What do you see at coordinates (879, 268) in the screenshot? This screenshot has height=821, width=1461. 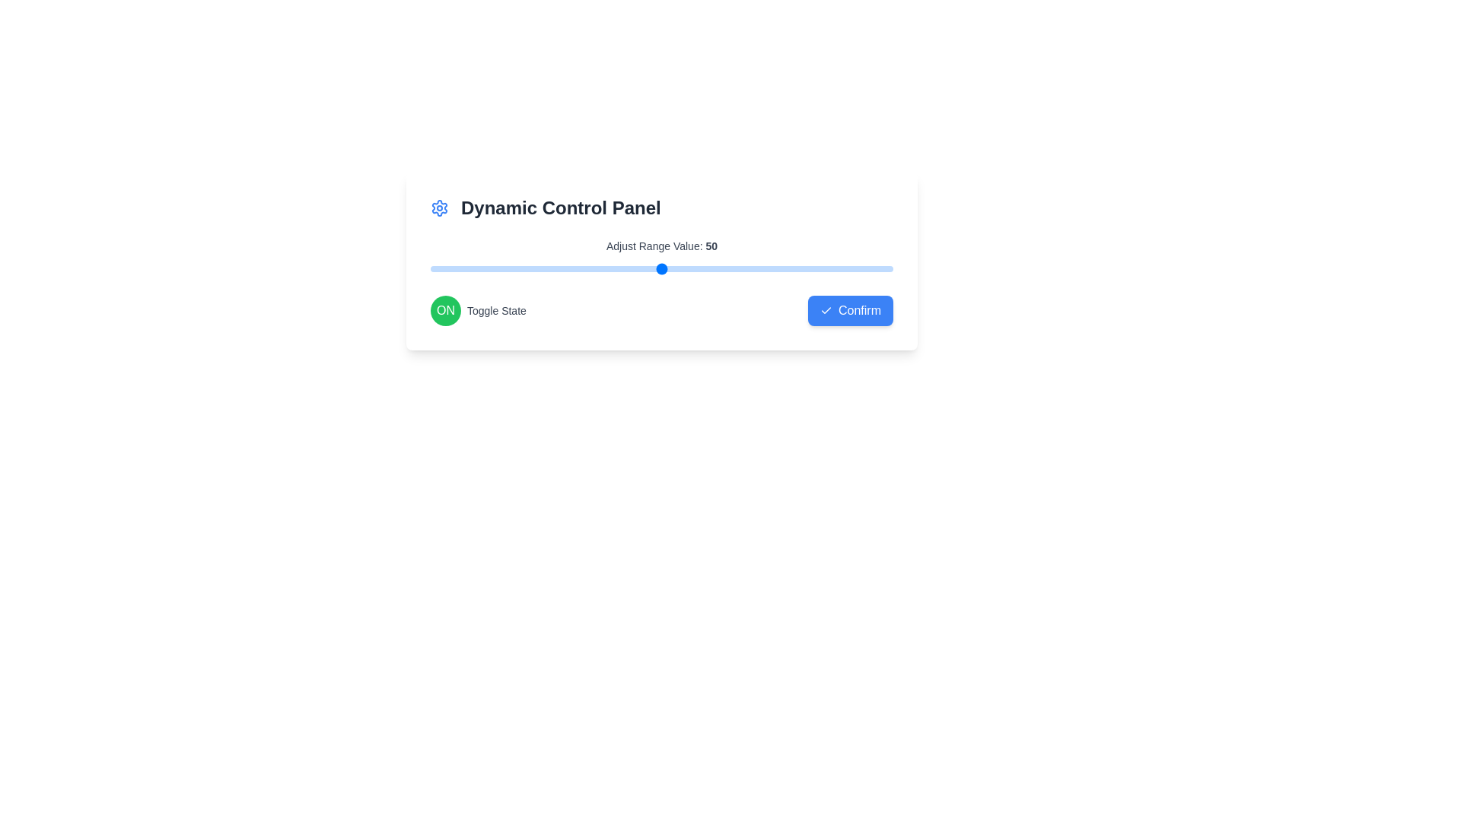 I see `the slider value` at bounding box center [879, 268].